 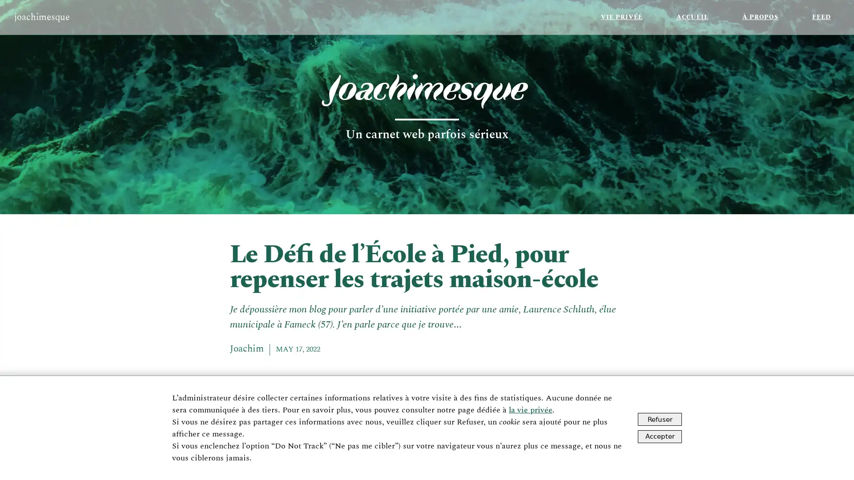 What do you see at coordinates (660, 419) in the screenshot?
I see `Refuser` at bounding box center [660, 419].